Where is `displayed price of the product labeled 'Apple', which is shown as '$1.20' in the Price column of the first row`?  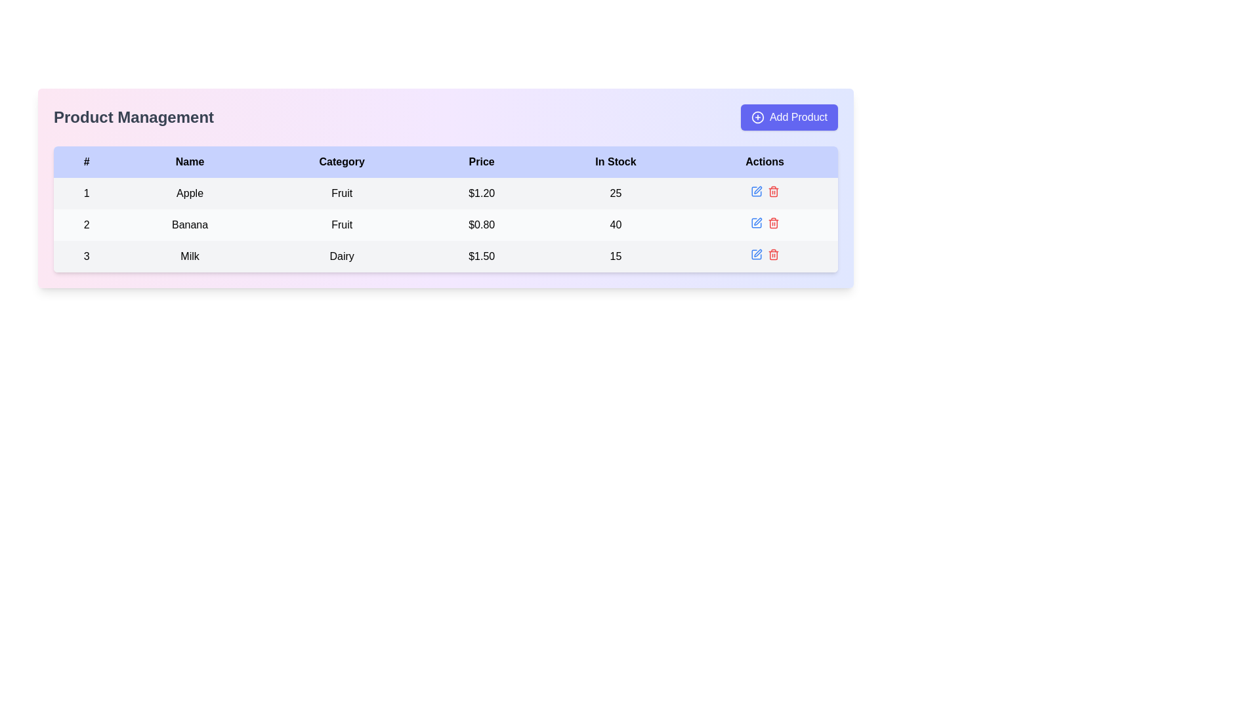
displayed price of the product labeled 'Apple', which is shown as '$1.20' in the Price column of the first row is located at coordinates (481, 193).